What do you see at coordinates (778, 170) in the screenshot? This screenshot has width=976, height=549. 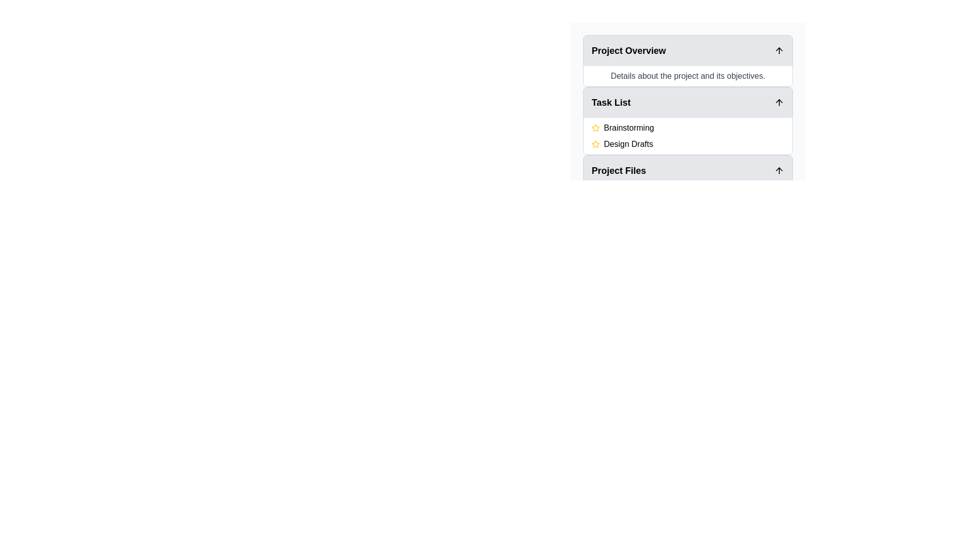 I see `the arrow icon that toggles the 'Project Files' section` at bounding box center [778, 170].